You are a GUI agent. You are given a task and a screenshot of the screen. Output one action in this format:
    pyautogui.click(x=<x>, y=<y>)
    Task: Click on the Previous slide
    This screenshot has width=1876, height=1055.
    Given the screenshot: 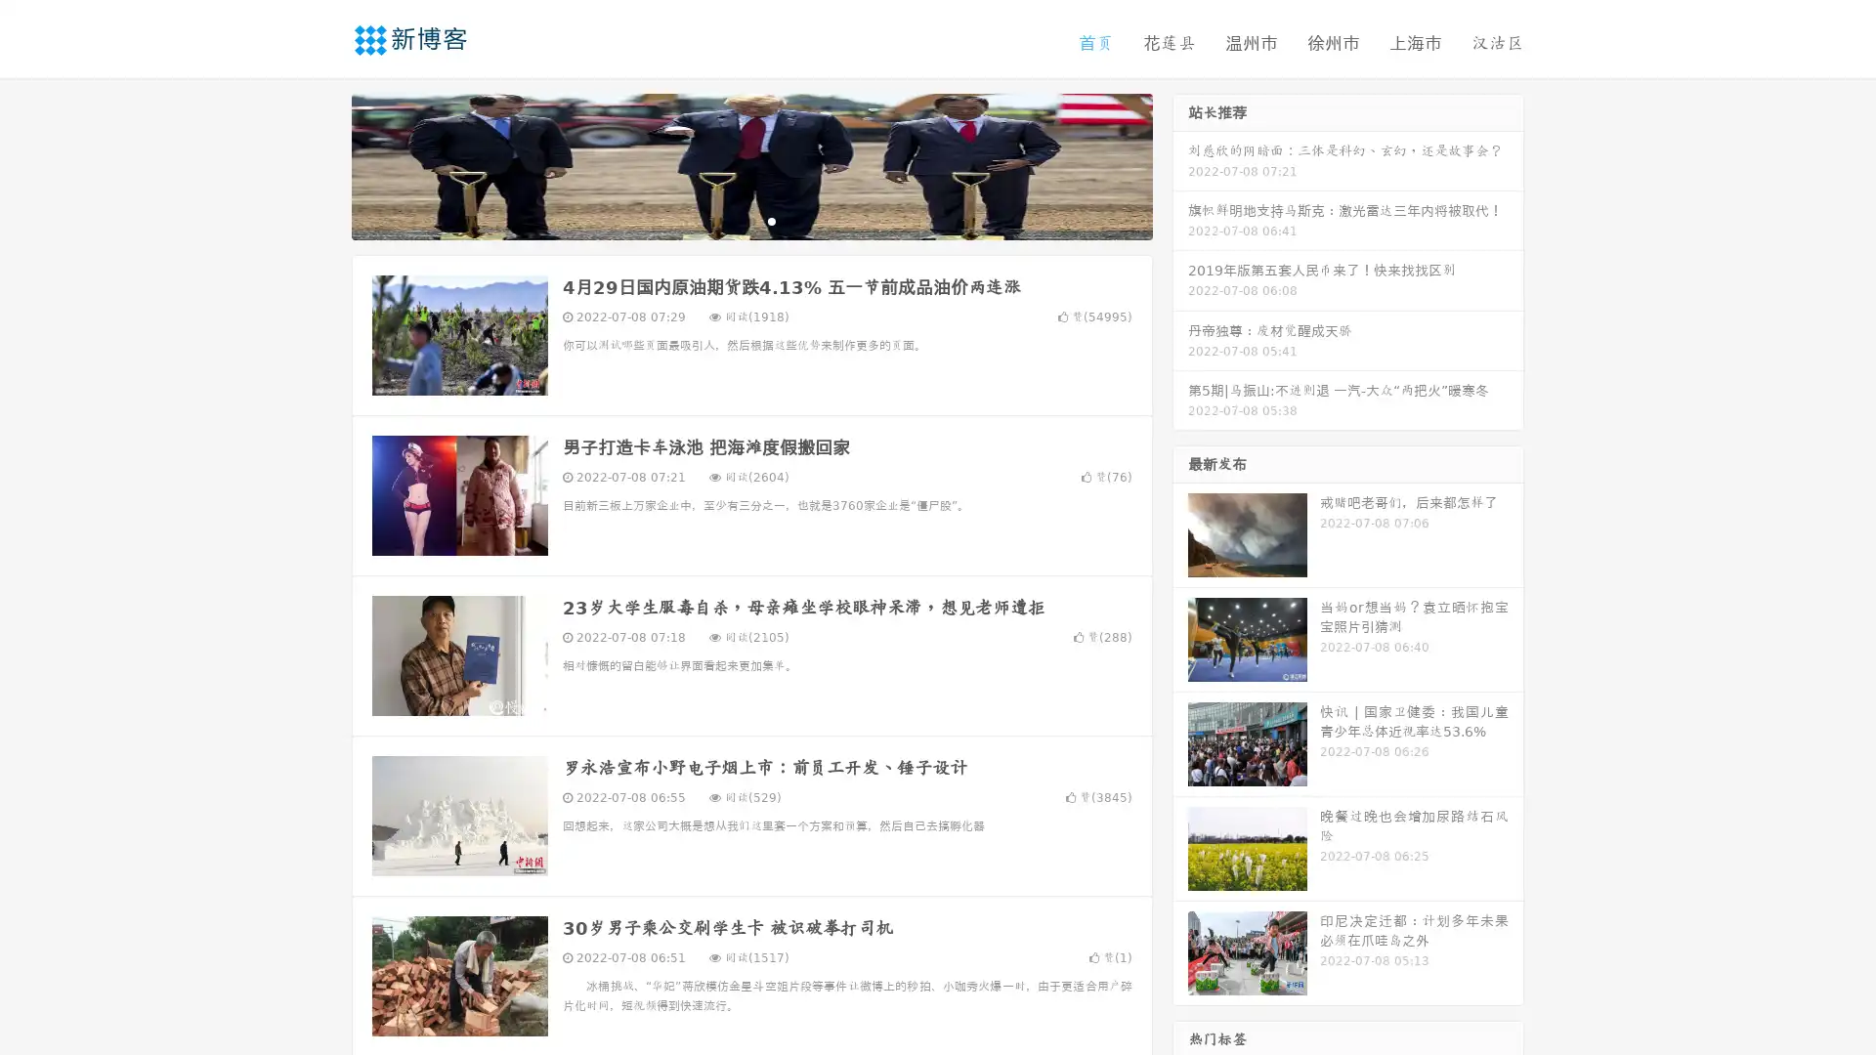 What is the action you would take?
    pyautogui.click(x=322, y=164)
    